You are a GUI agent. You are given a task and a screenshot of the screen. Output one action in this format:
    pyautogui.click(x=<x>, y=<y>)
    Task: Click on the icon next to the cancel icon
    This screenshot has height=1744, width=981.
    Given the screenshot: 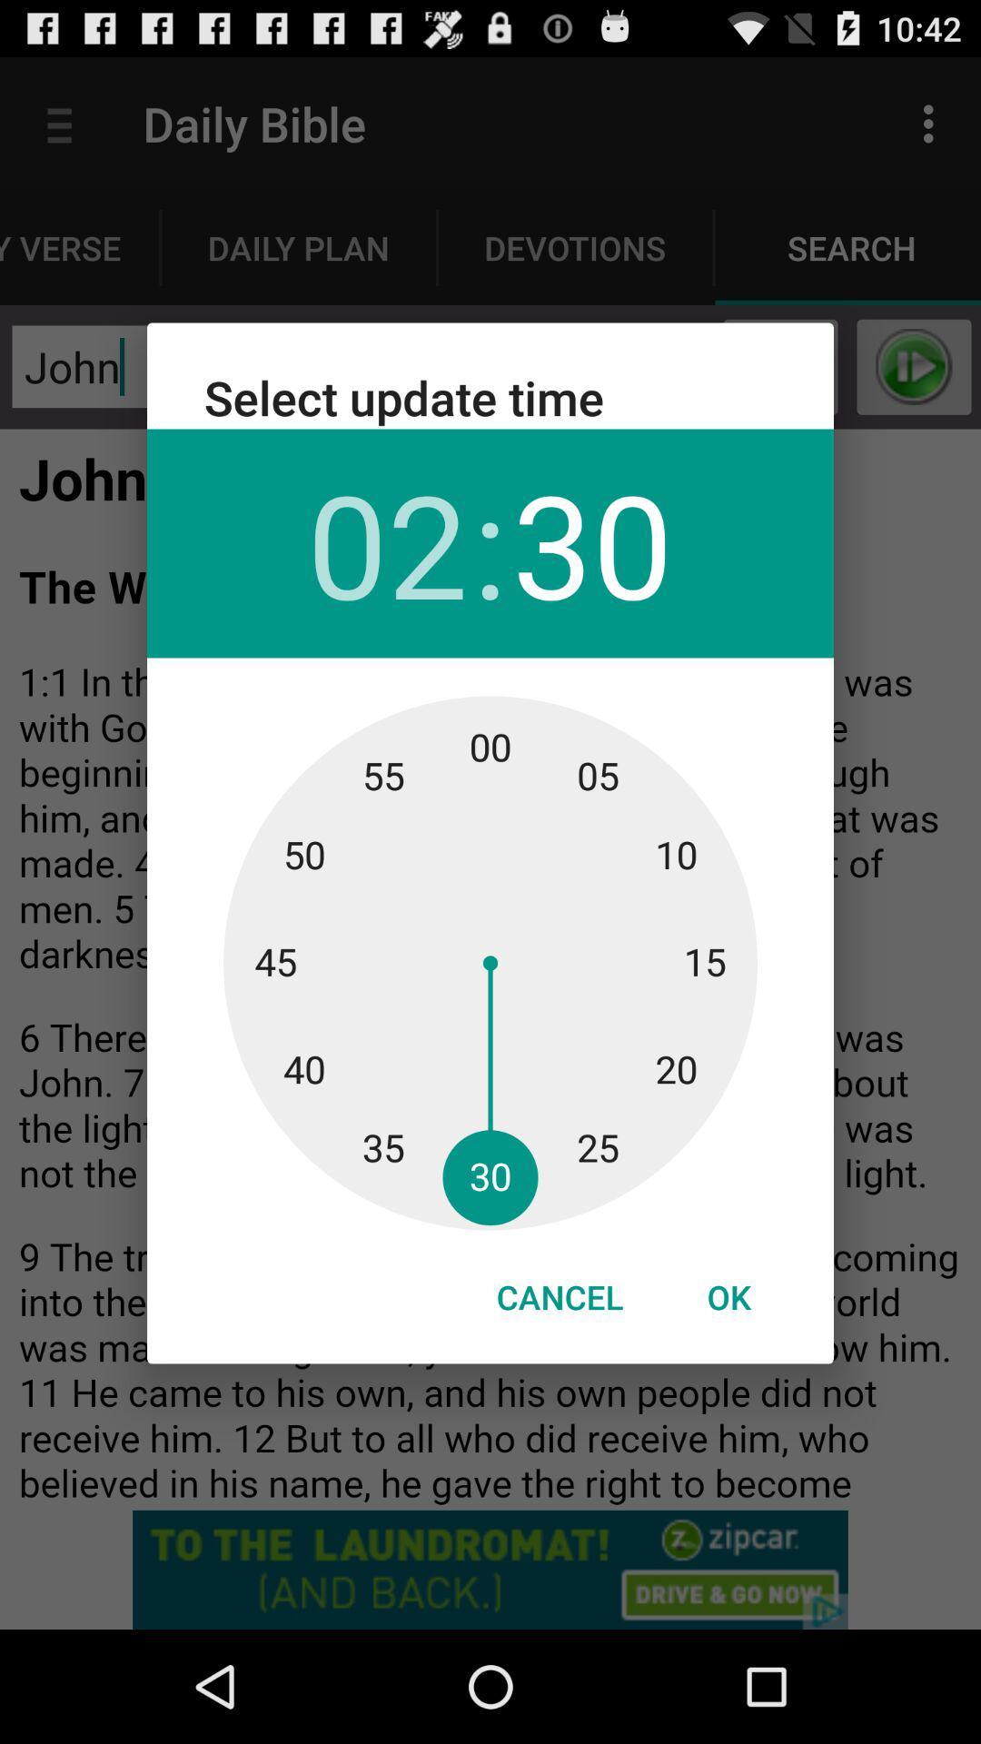 What is the action you would take?
    pyautogui.click(x=728, y=1296)
    